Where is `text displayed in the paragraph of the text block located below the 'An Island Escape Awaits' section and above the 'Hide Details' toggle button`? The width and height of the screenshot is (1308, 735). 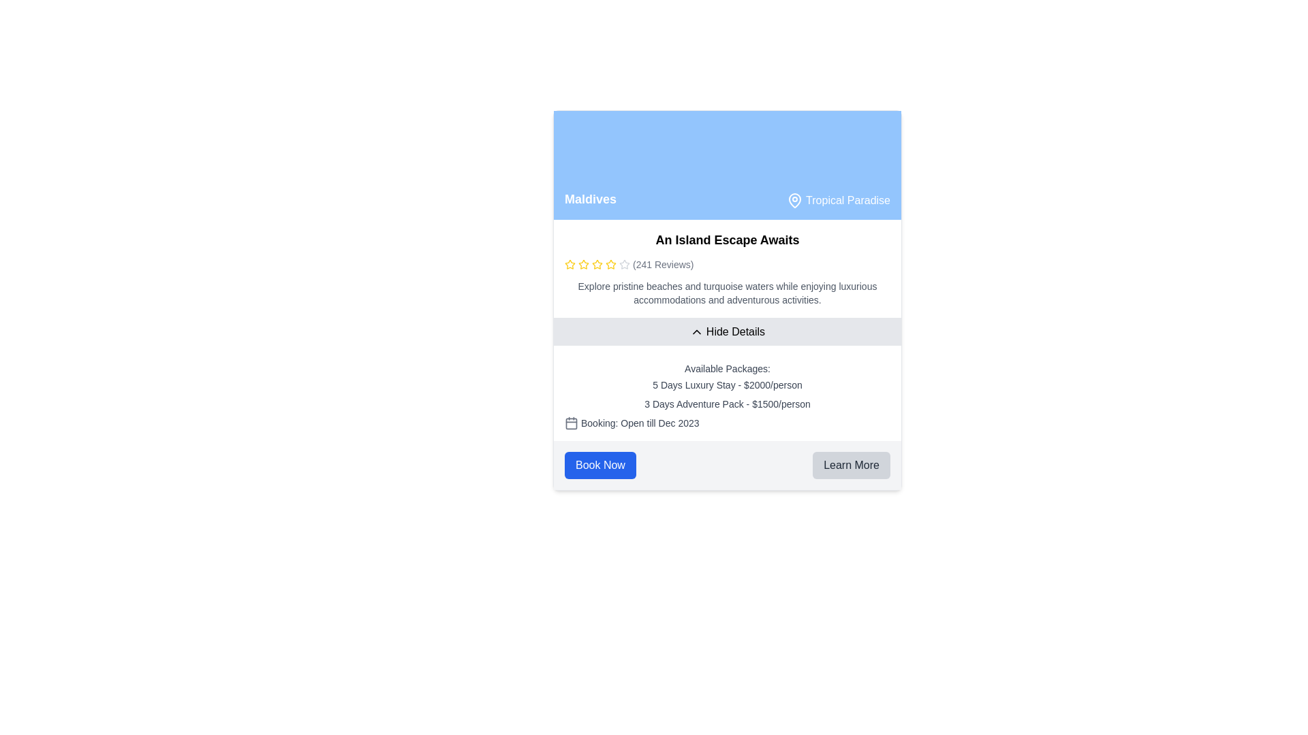 text displayed in the paragraph of the text block located below the 'An Island Escape Awaits' section and above the 'Hide Details' toggle button is located at coordinates (727, 293).